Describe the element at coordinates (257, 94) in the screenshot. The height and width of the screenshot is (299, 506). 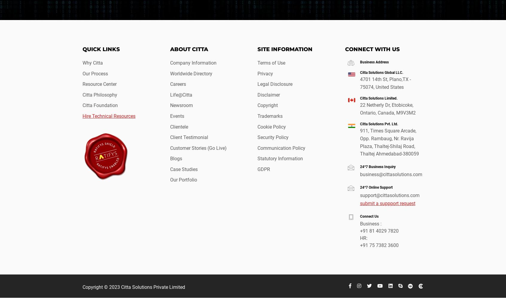
I see `'Disclaimer'` at that location.